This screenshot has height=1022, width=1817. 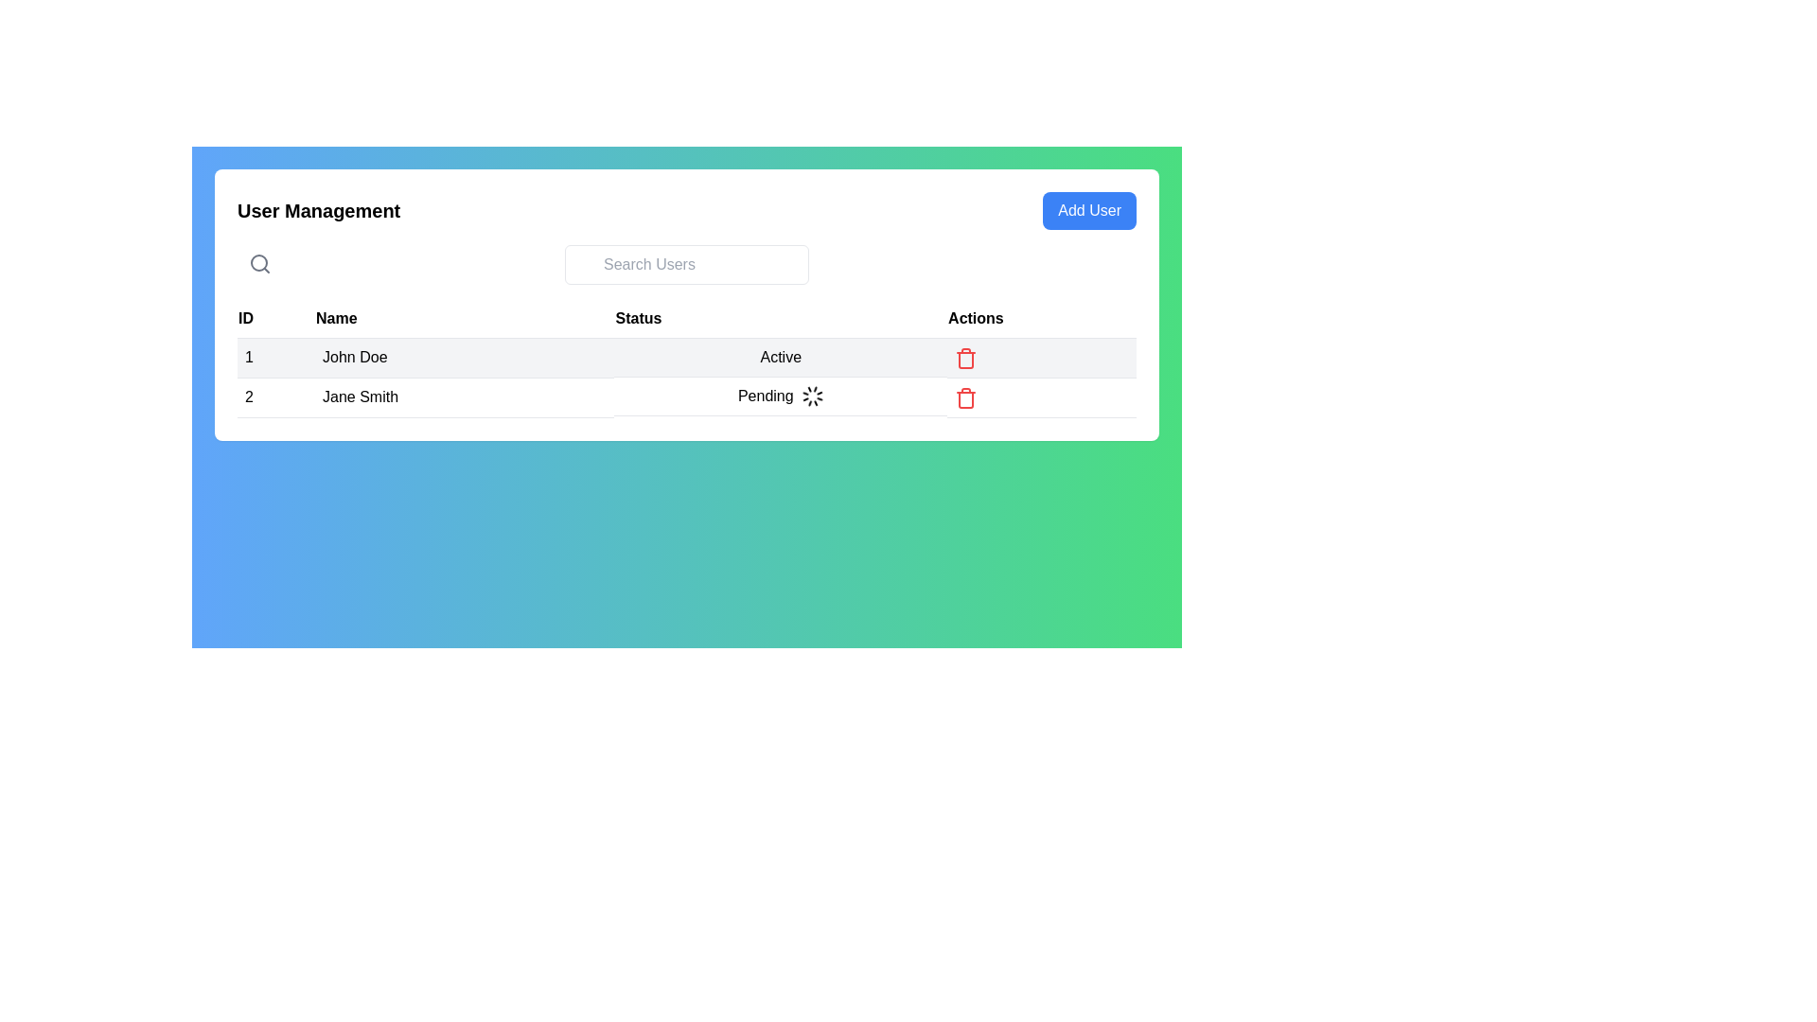 What do you see at coordinates (1089, 211) in the screenshot?
I see `the 'Add User' button, which is a rectangular button with rounded corners, blue background, and white text, located at the top-right section of the interface next to 'User Management'` at bounding box center [1089, 211].